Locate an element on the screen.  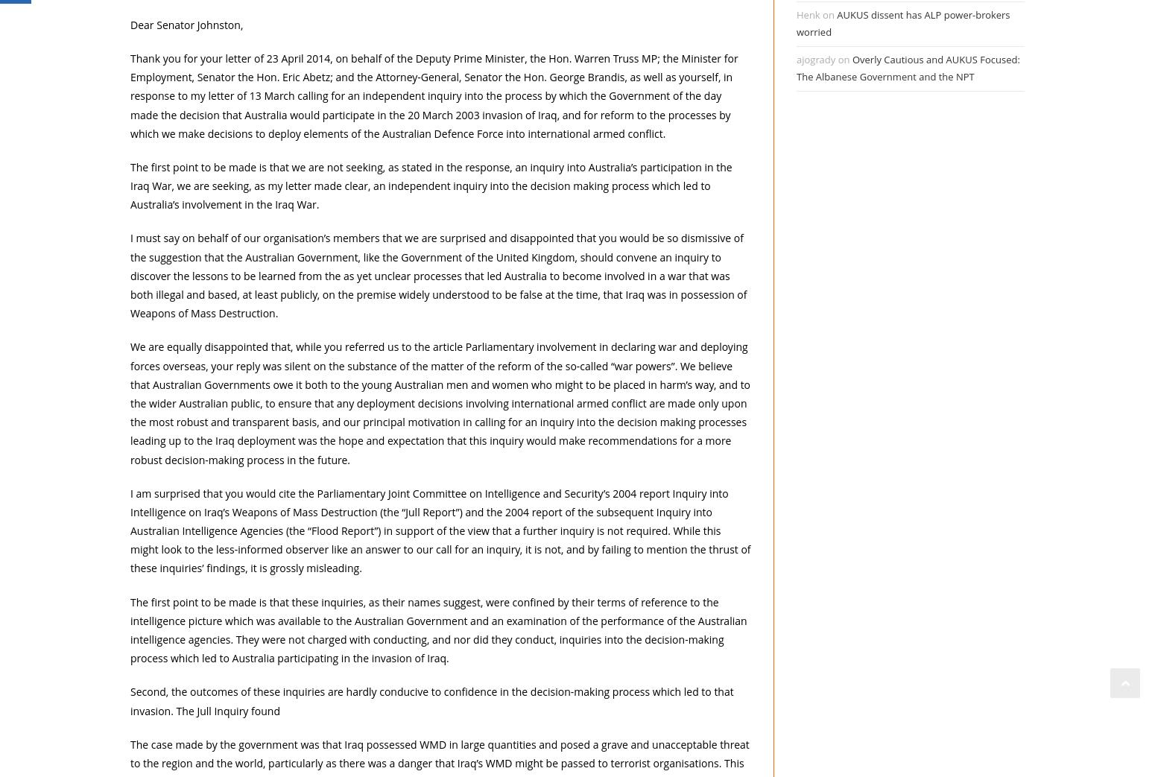
'Henk' is located at coordinates (808, 14).